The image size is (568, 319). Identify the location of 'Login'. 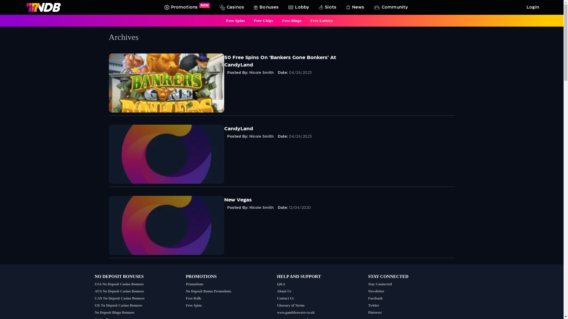
(532, 7).